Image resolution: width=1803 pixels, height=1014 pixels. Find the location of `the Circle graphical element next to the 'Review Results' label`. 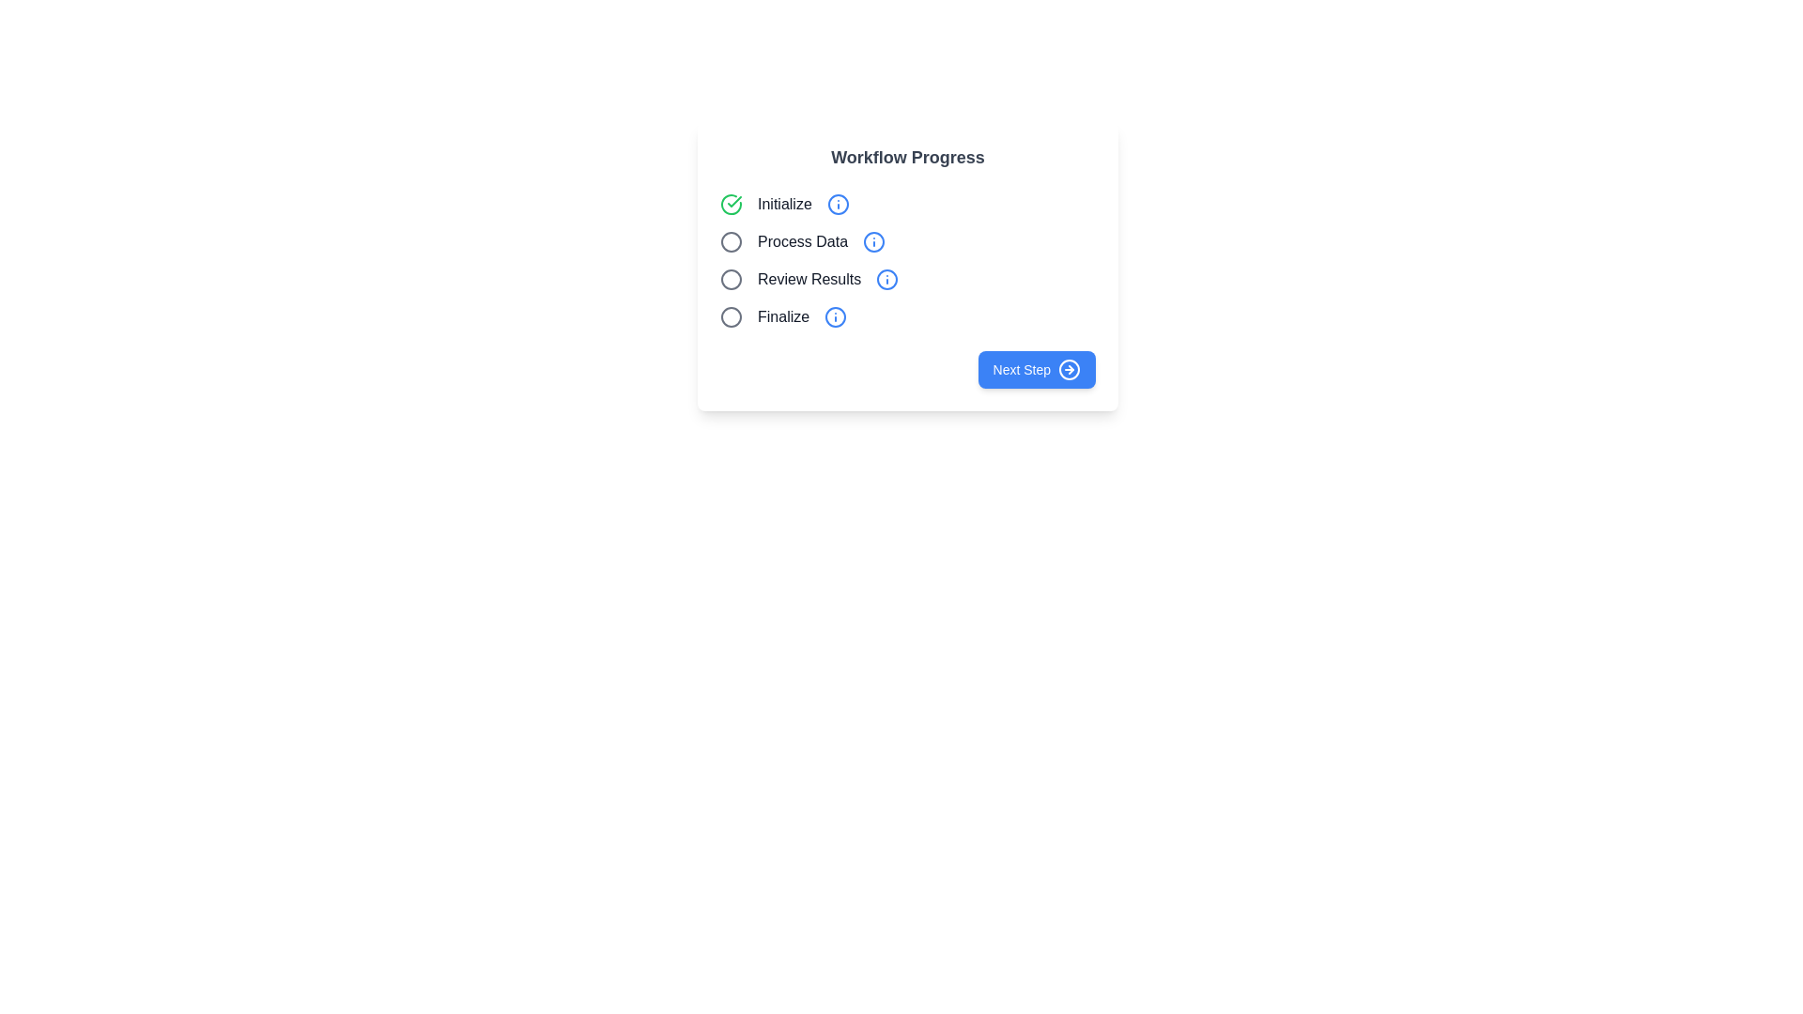

the Circle graphical element next to the 'Review Results' label is located at coordinates (886, 279).